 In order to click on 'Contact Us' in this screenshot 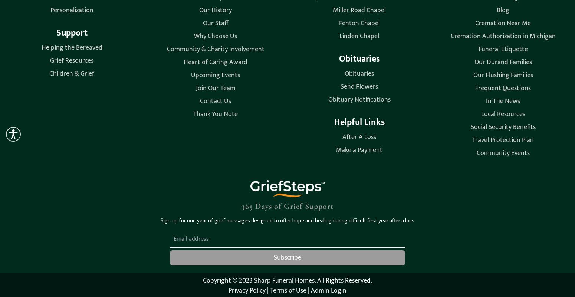, I will do `click(215, 100)`.